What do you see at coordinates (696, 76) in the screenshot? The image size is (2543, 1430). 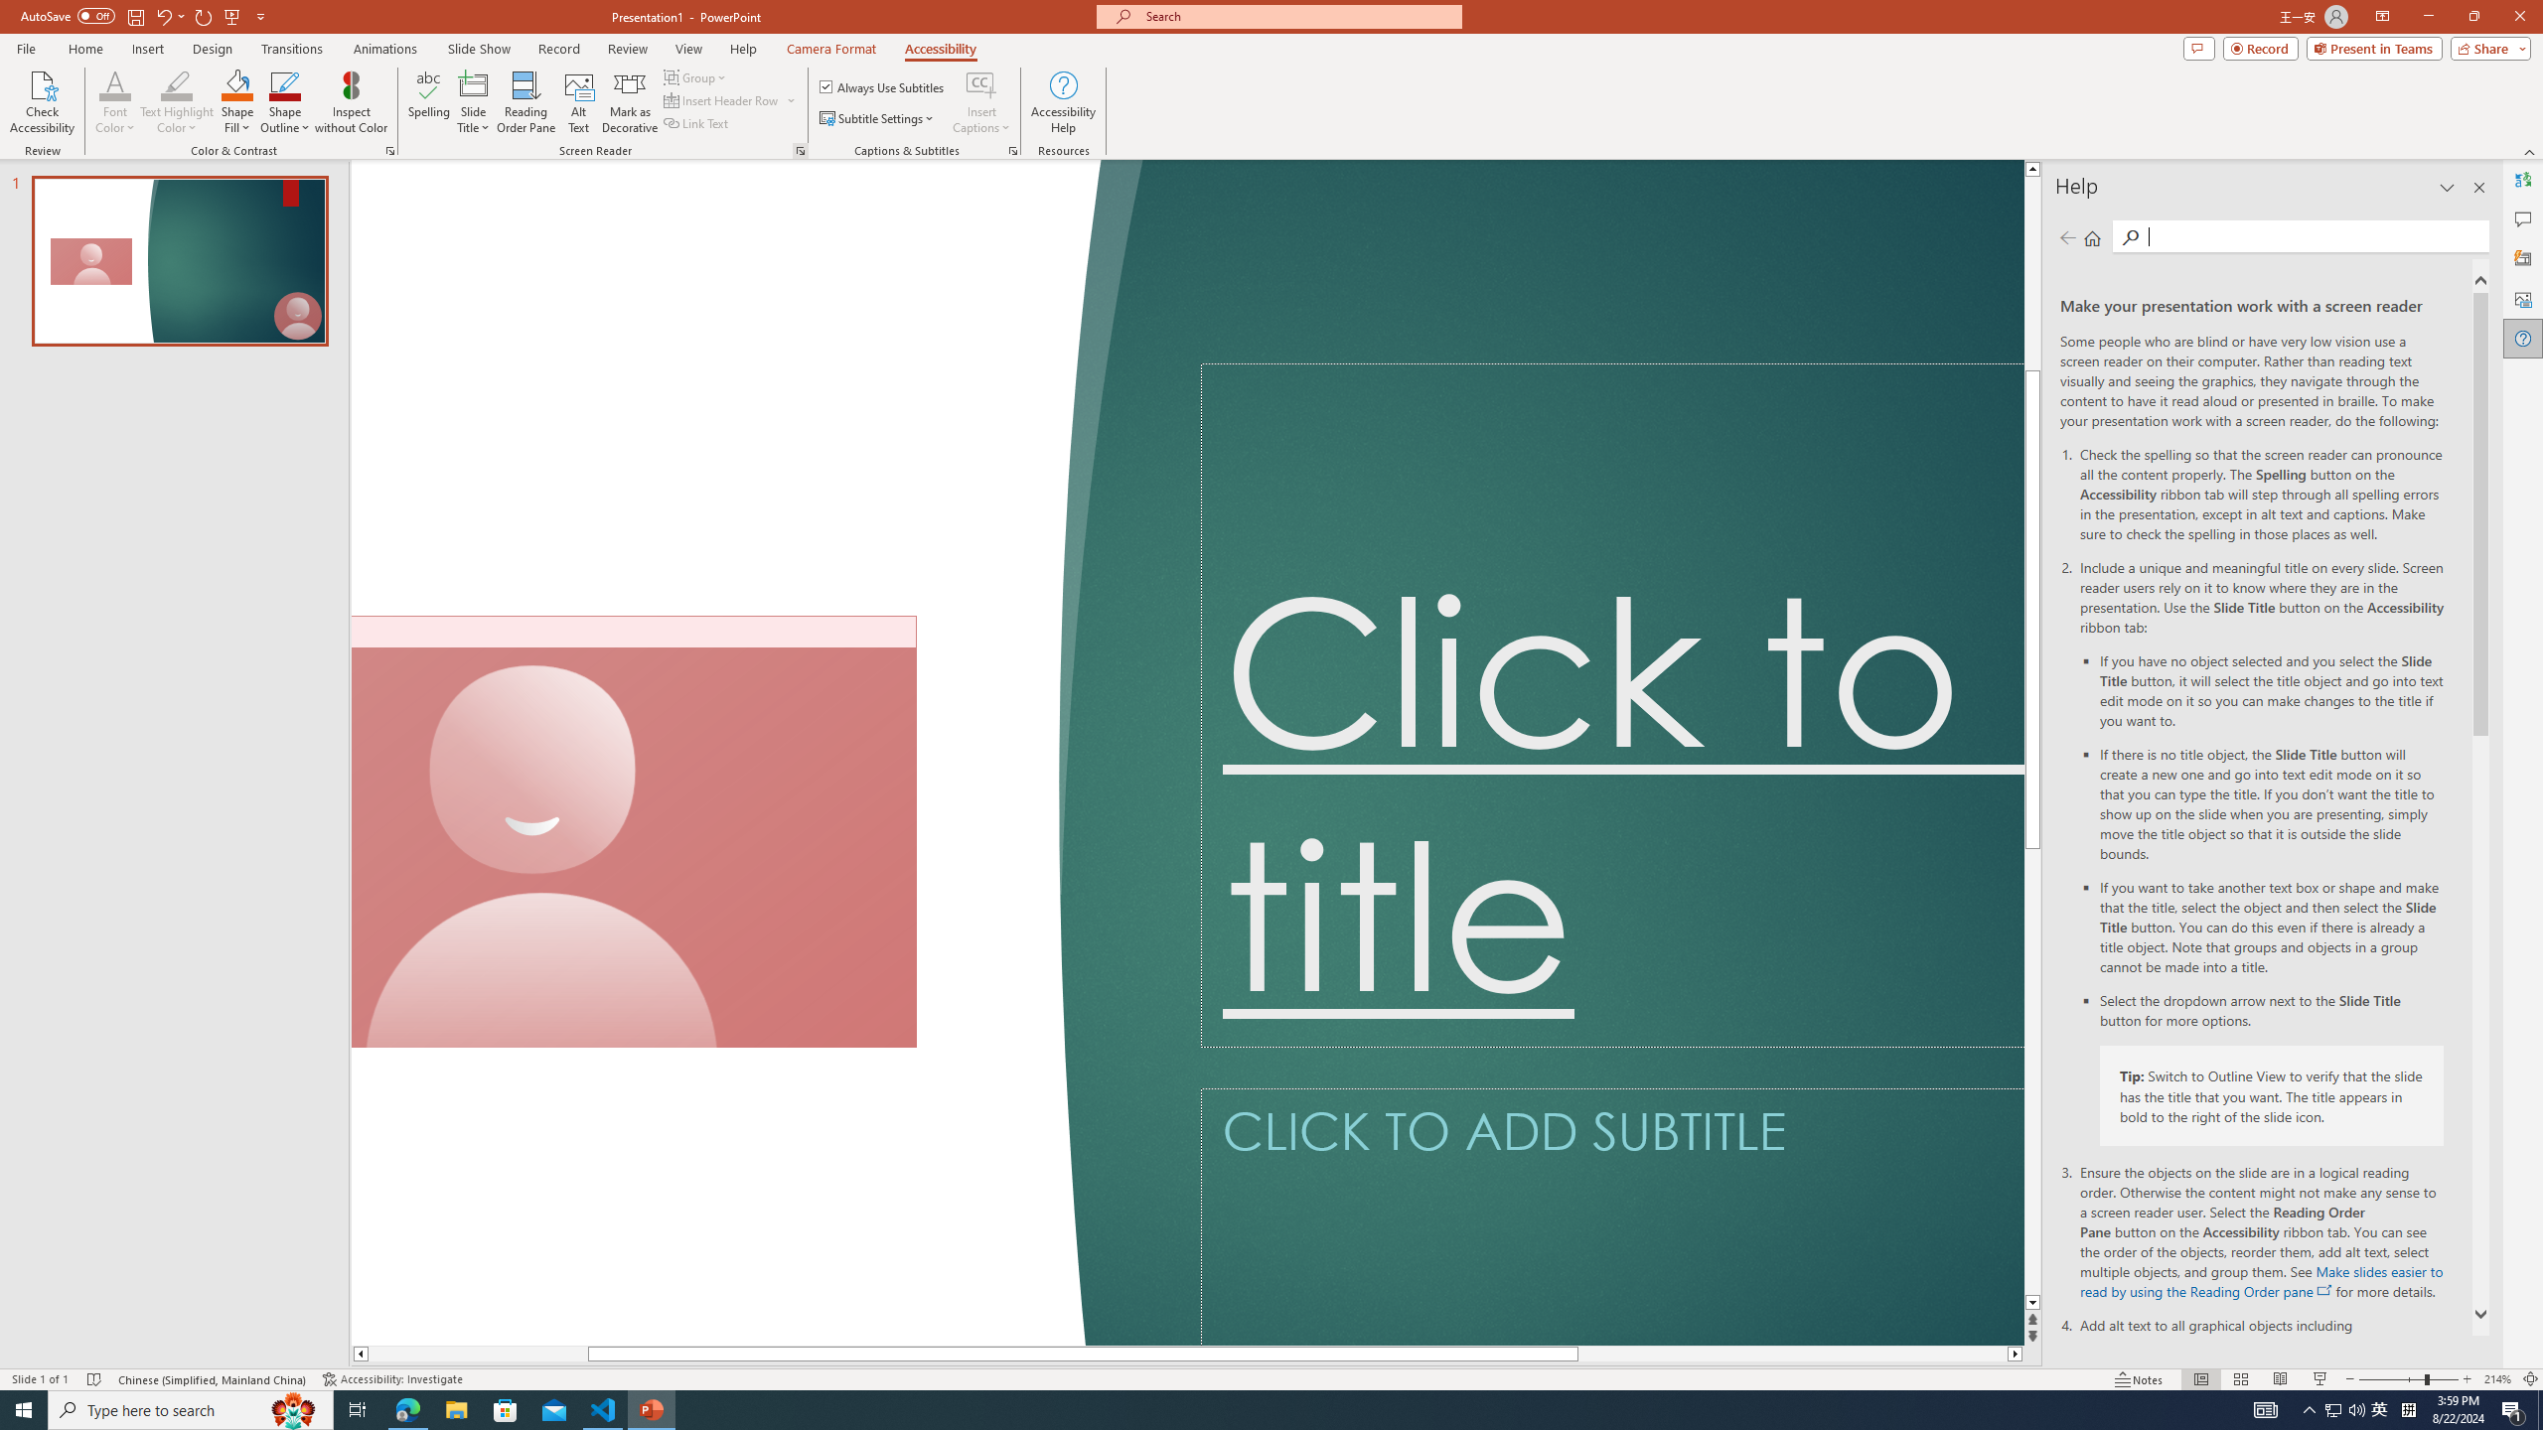 I see `'Group'` at bounding box center [696, 76].